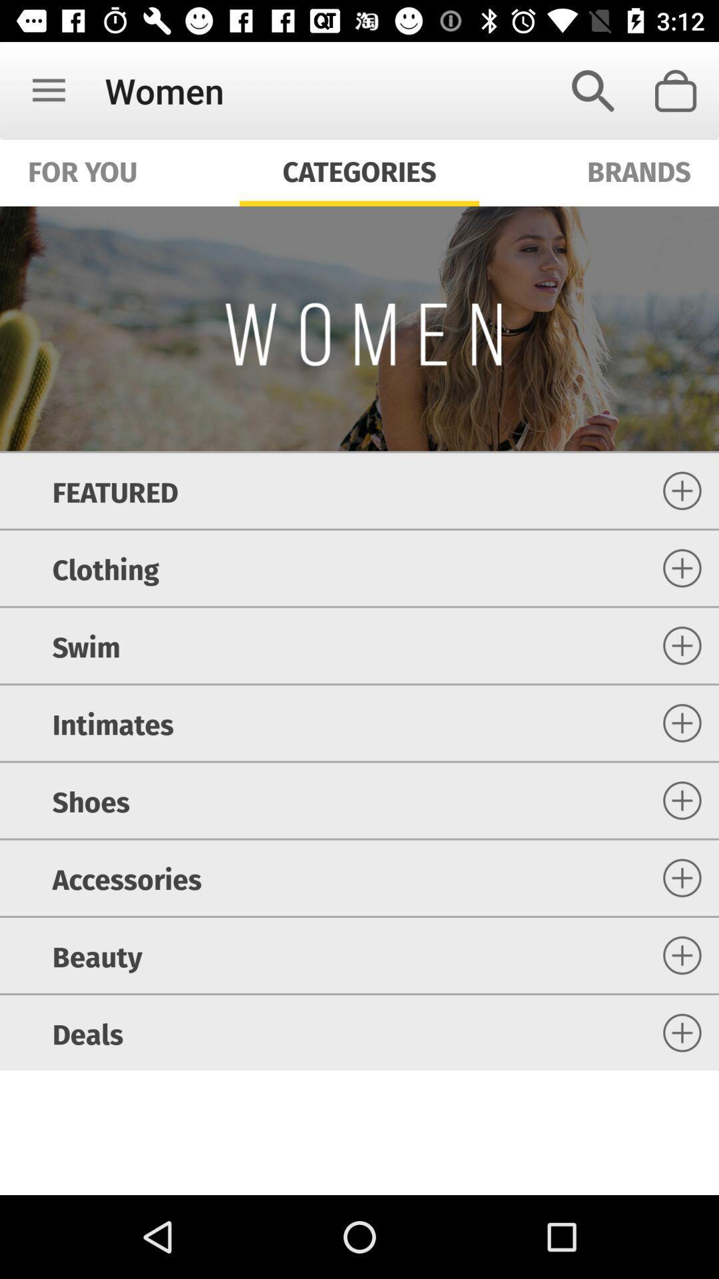 Image resolution: width=719 pixels, height=1279 pixels. Describe the element at coordinates (115, 490) in the screenshot. I see `the item above the clothing` at that location.